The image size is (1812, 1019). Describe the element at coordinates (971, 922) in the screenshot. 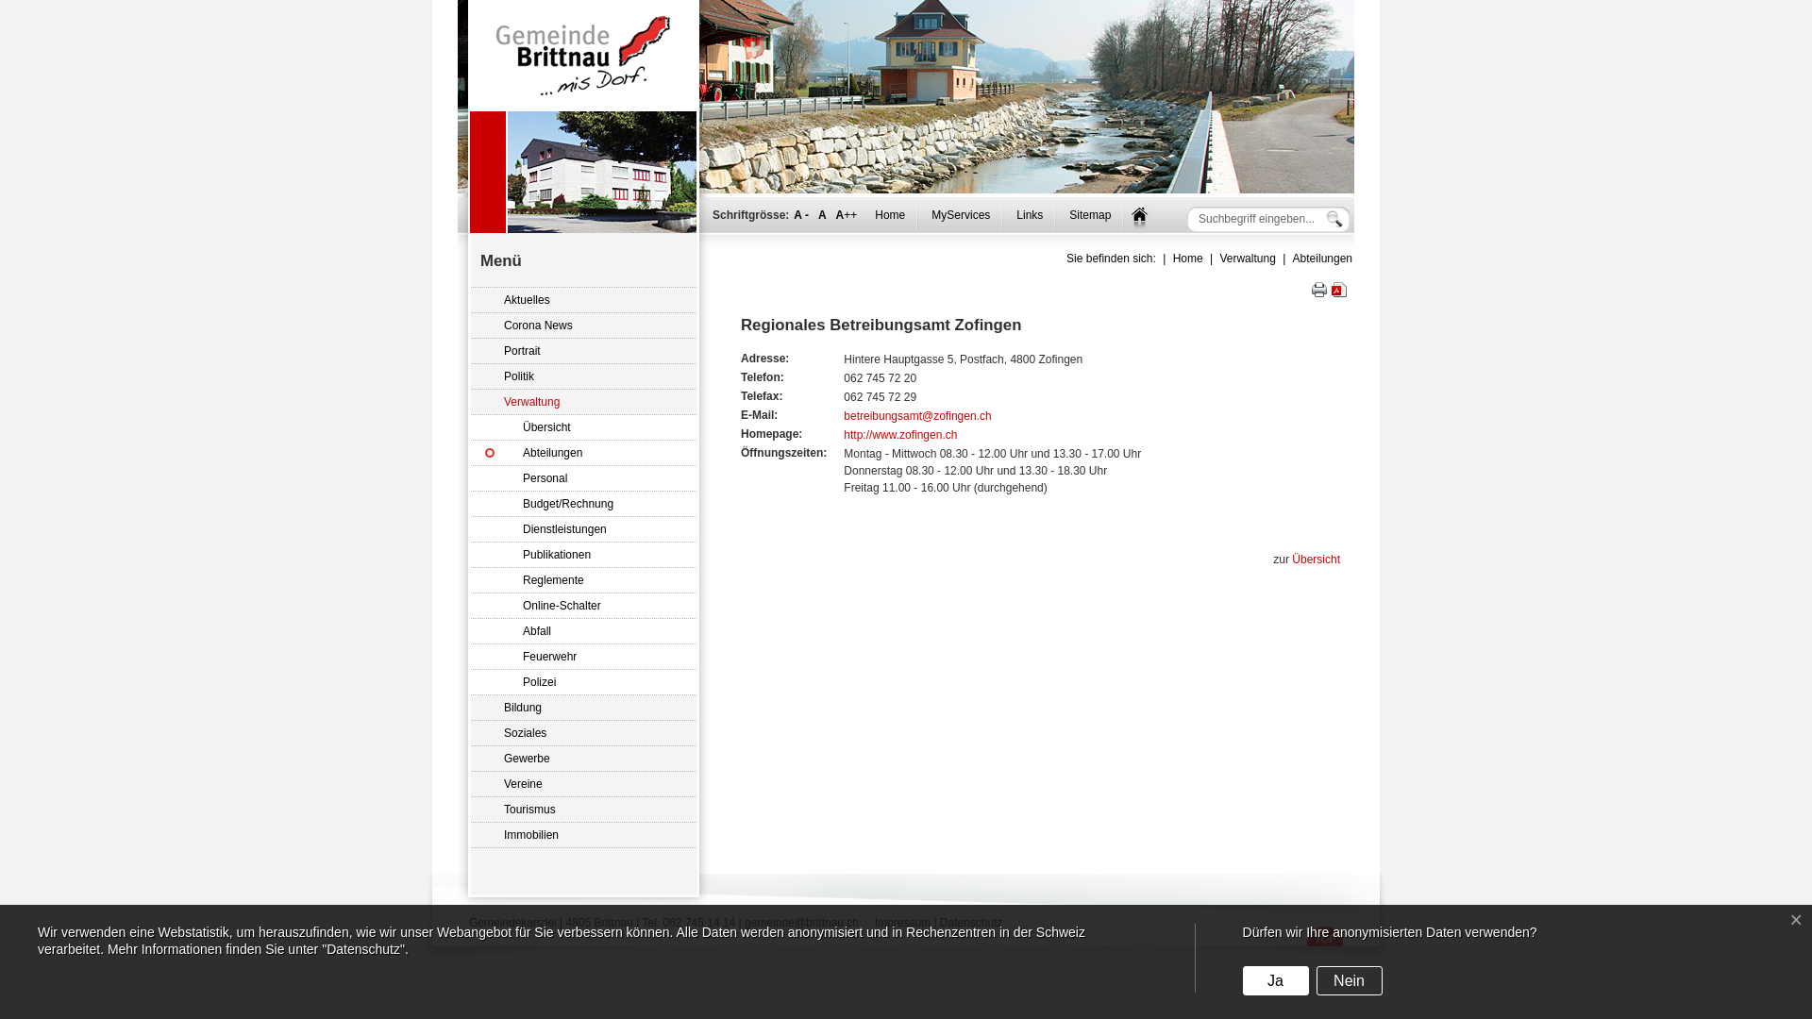

I see `'Datenschutz'` at that location.